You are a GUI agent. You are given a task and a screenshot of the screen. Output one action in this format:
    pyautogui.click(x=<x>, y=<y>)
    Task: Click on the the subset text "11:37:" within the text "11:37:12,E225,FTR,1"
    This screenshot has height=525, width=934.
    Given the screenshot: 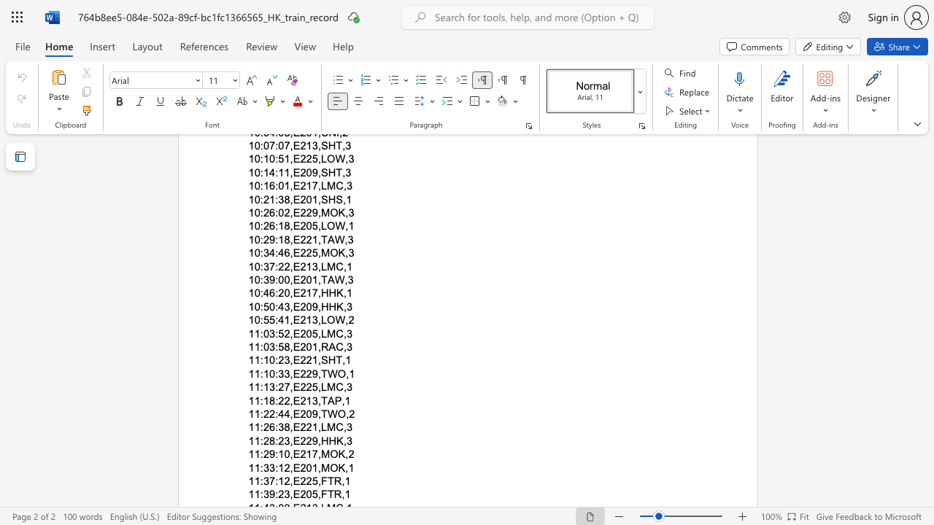 What is the action you would take?
    pyautogui.click(x=248, y=481)
    